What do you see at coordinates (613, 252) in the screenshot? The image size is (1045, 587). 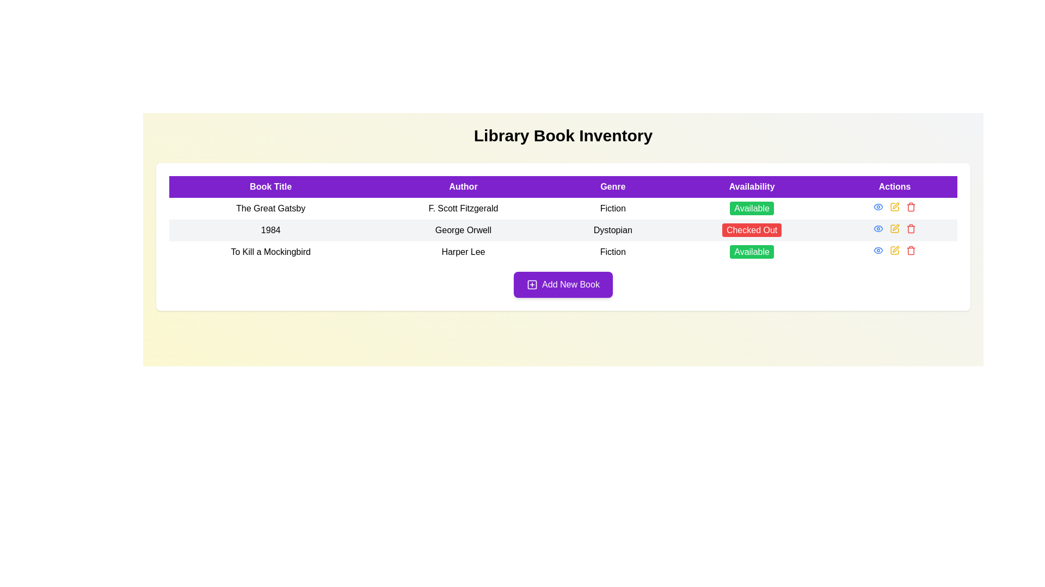 I see `the Text label that displays the genre of the book in the third row of the table under the 'Genre' column, which is aligned with the 'Author' and 'Availability' columns` at bounding box center [613, 252].